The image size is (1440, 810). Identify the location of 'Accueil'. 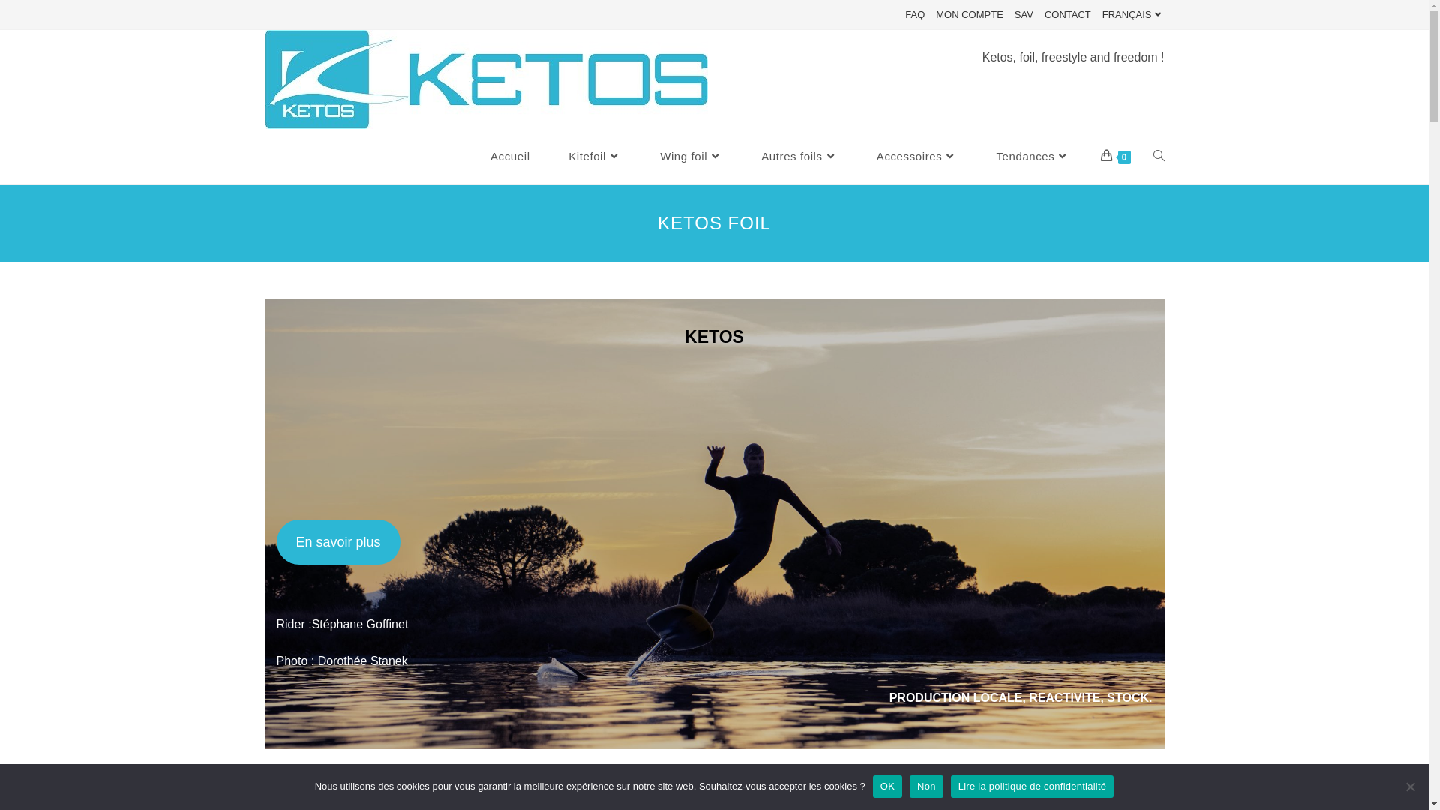
(510, 156).